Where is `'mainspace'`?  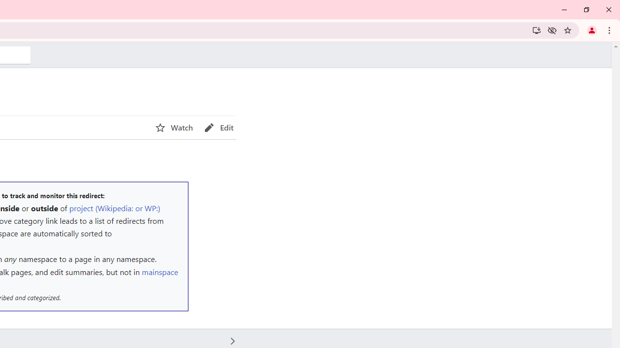
'mainspace' is located at coordinates (160, 271).